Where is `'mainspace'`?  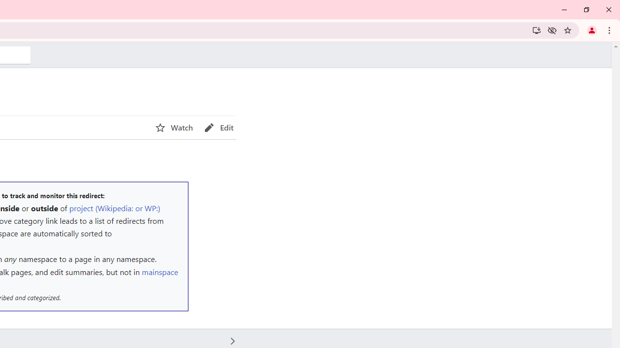
'mainspace' is located at coordinates (160, 271).